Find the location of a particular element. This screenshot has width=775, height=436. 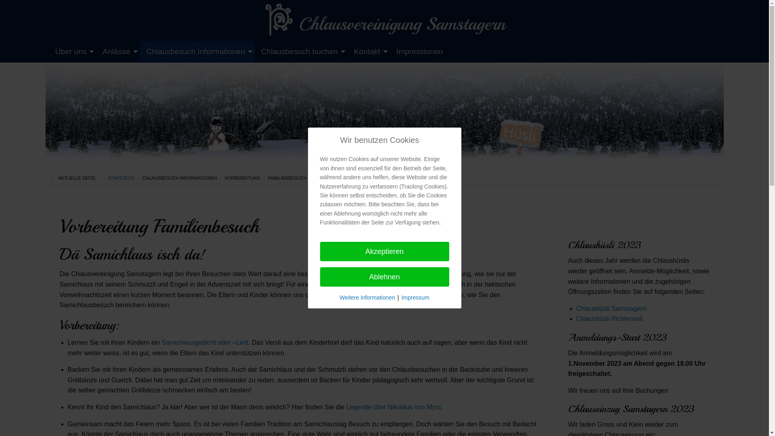

'STARTSEITE' is located at coordinates (121, 177).